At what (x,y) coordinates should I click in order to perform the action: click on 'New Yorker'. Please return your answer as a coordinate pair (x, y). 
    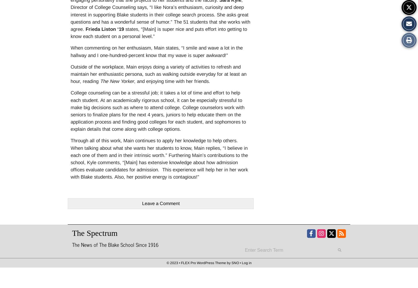
    Looking at the image, I should click on (121, 81).